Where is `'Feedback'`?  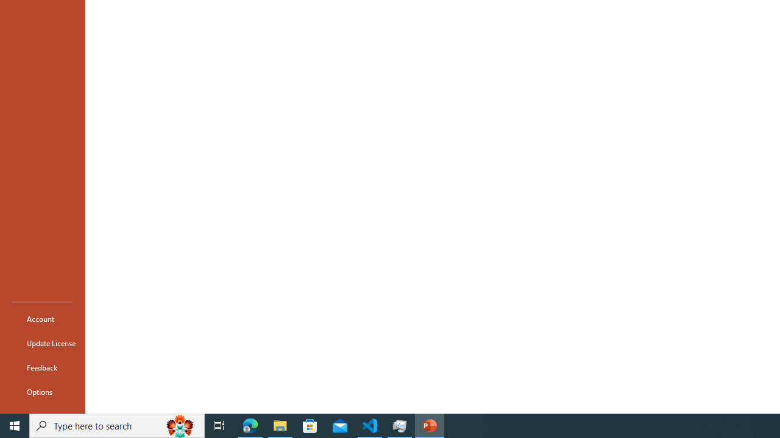
'Feedback' is located at coordinates (42, 367).